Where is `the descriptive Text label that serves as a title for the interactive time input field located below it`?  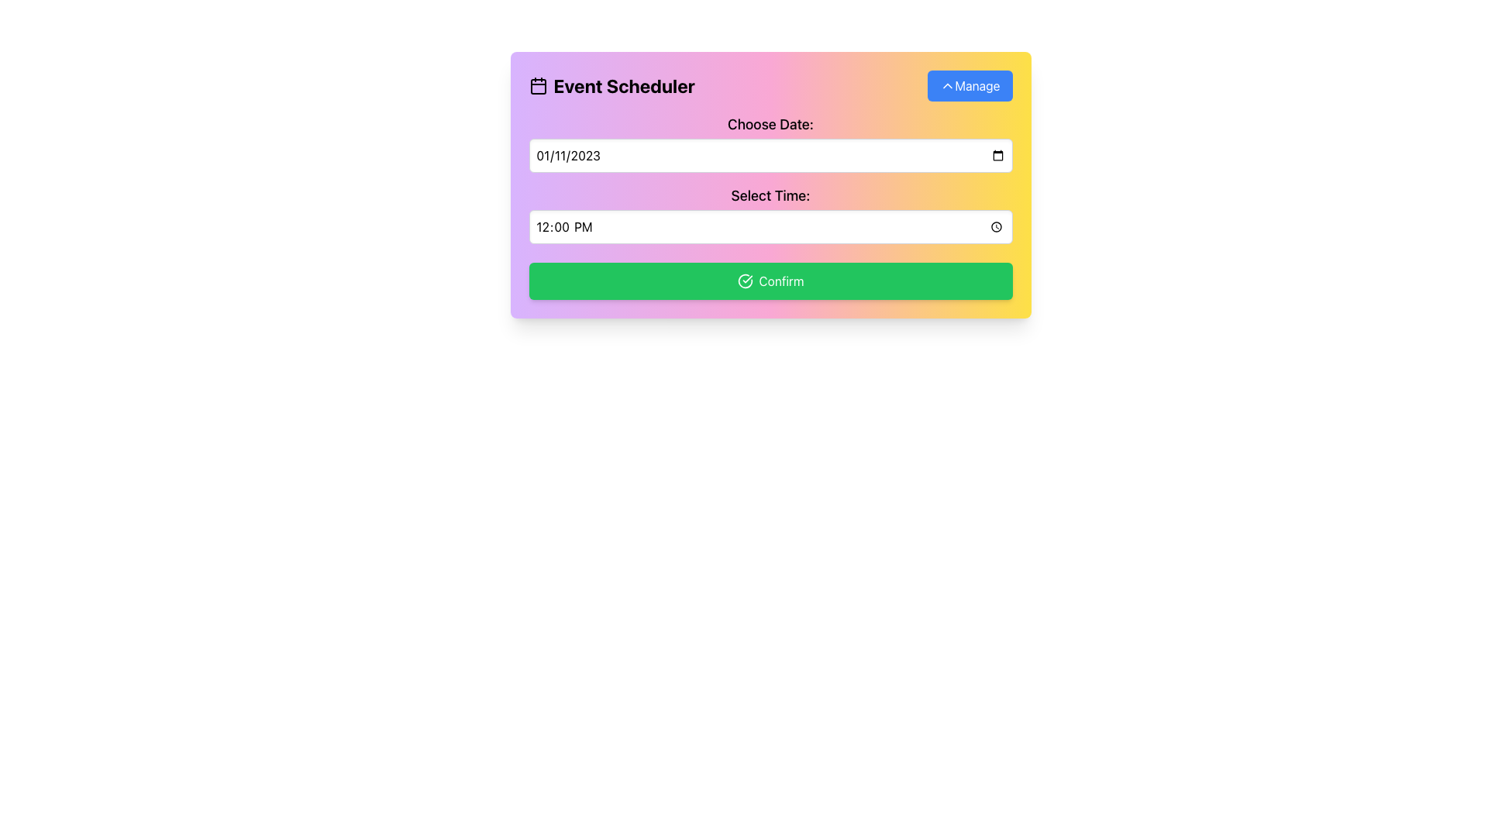 the descriptive Text label that serves as a title for the interactive time input field located below it is located at coordinates (770, 195).